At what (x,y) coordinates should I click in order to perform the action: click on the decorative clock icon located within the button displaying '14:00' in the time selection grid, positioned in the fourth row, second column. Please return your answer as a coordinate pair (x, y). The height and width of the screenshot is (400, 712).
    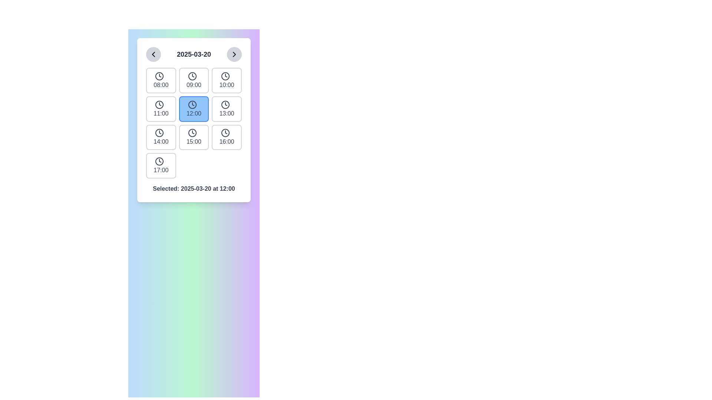
    Looking at the image, I should click on (159, 133).